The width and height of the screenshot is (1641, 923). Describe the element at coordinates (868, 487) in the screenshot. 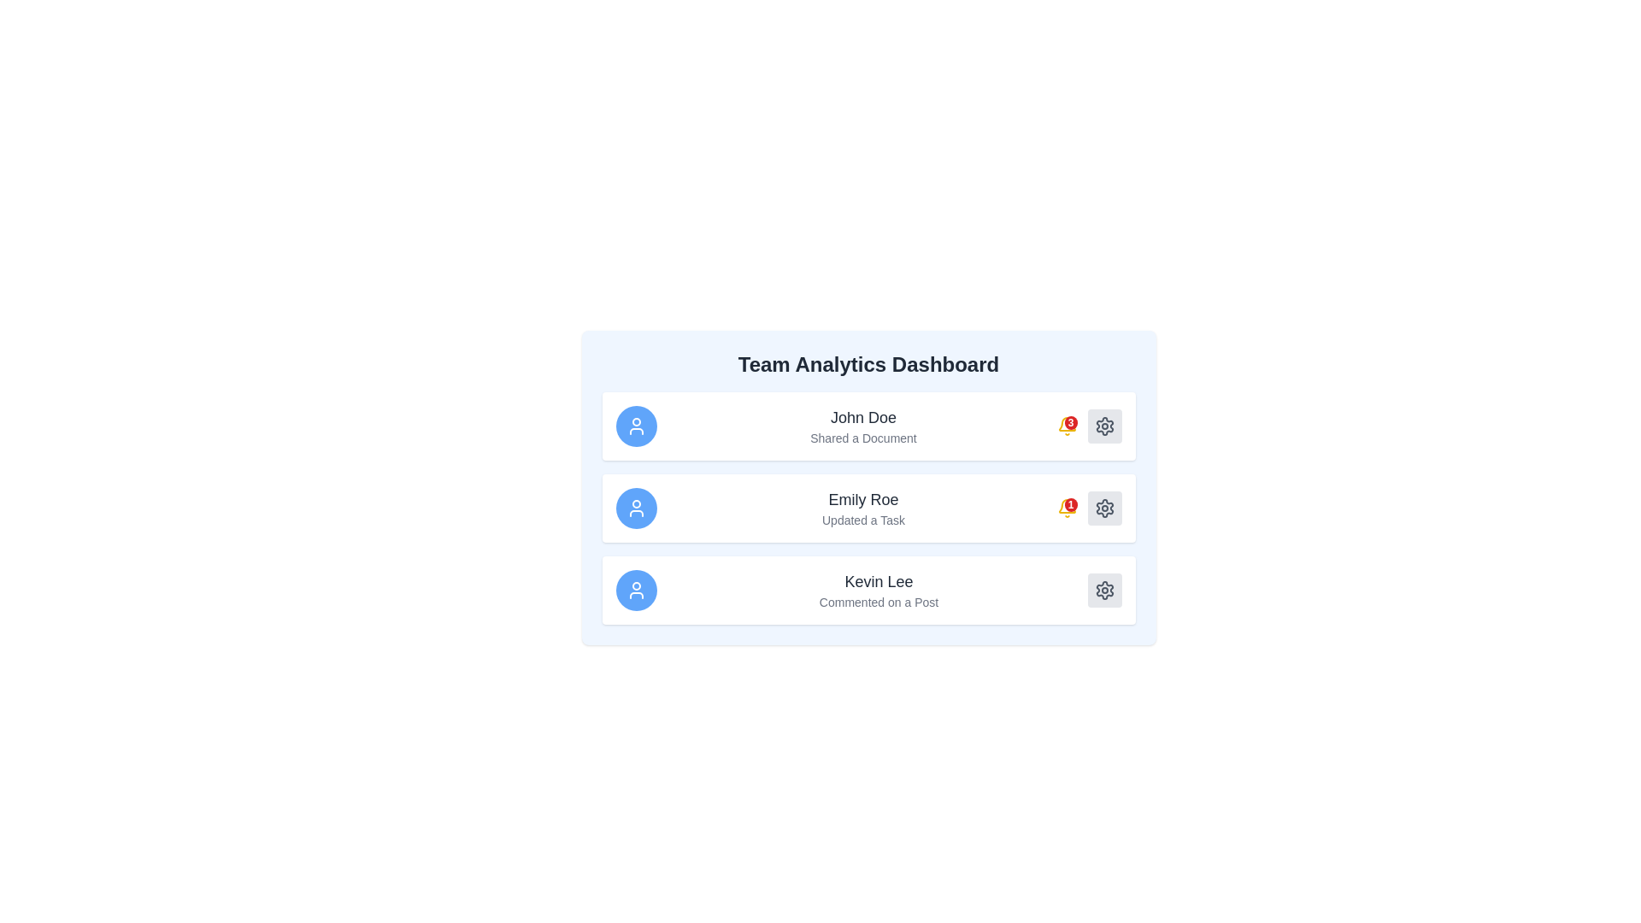

I see `the second entry in the activity feed that displays the name 'Emily Roe' and the text 'Updated a Task'` at that location.